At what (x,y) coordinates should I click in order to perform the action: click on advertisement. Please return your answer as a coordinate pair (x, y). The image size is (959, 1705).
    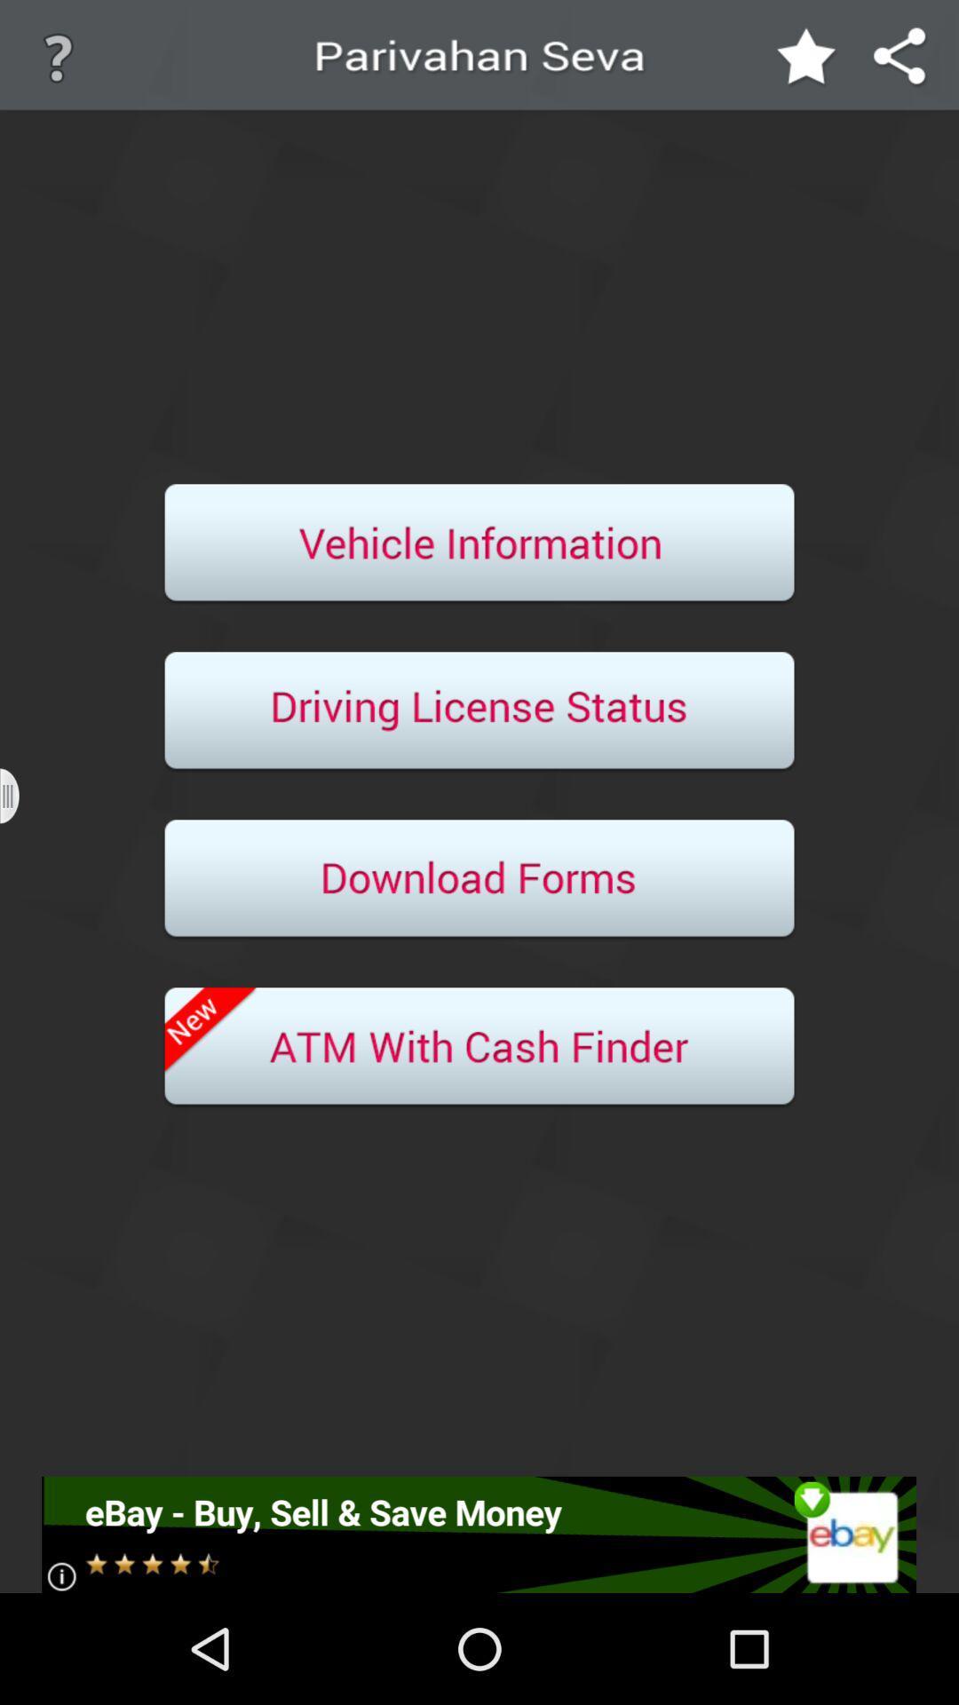
    Looking at the image, I should click on (478, 1534).